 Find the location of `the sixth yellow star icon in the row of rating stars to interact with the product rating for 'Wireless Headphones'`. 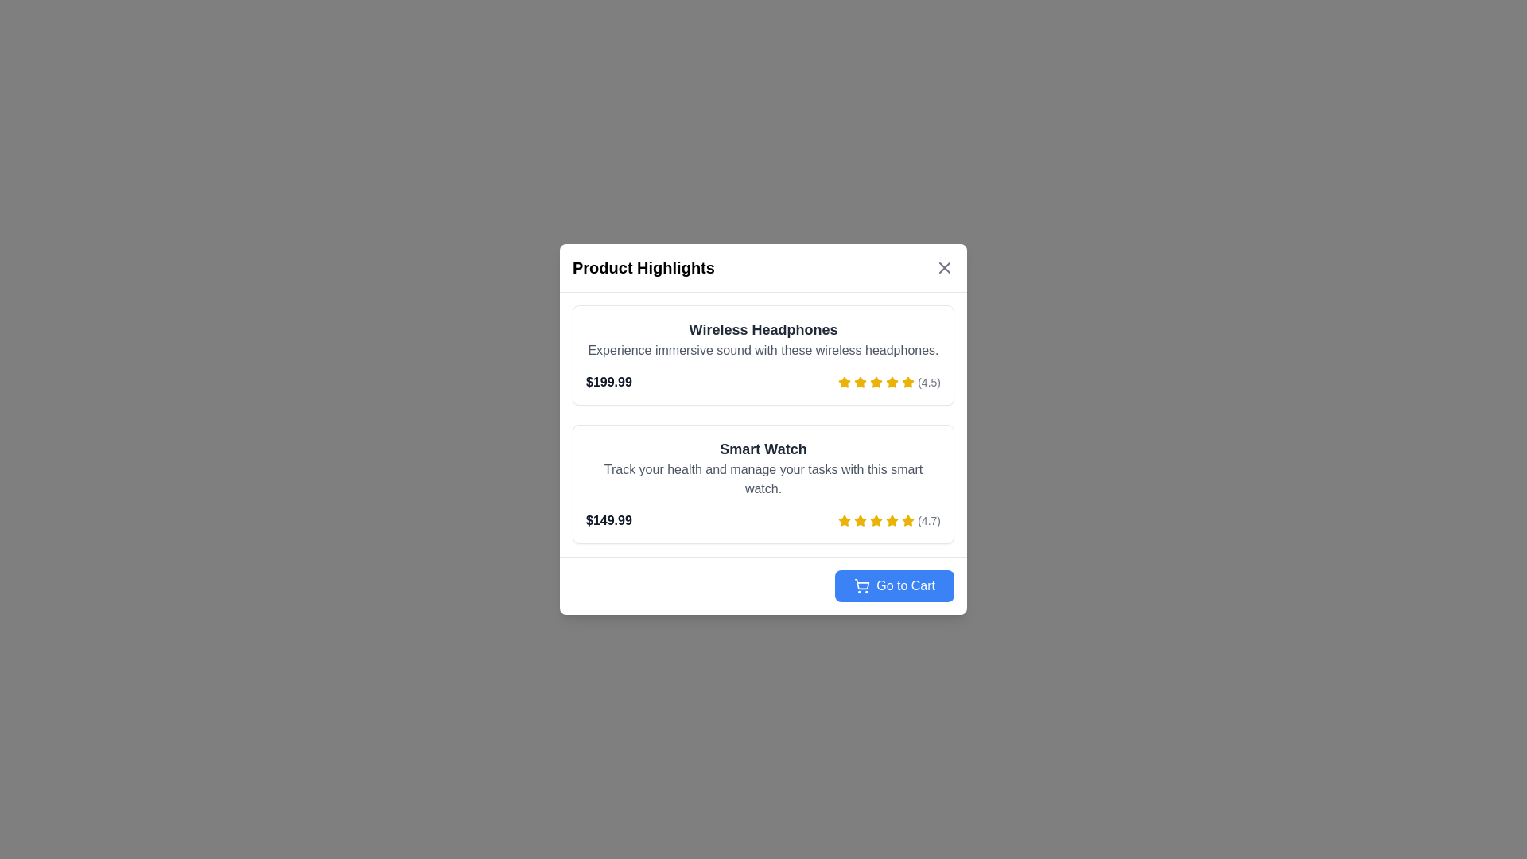

the sixth yellow star icon in the row of rating stars to interact with the product rating for 'Wireless Headphones' is located at coordinates (908, 383).